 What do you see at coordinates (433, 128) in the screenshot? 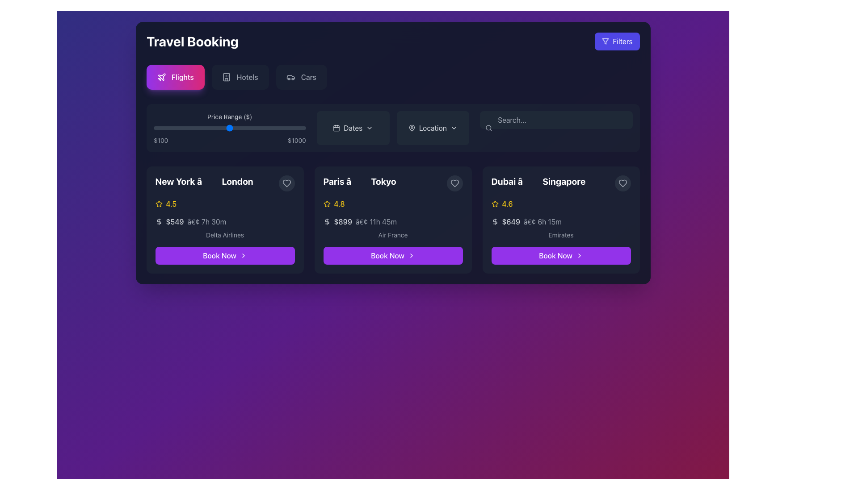
I see `the dropdown menu button used for selecting or modifying the location, which is the second button from the left in a horizontal layout next to the 'Dates' button` at bounding box center [433, 128].